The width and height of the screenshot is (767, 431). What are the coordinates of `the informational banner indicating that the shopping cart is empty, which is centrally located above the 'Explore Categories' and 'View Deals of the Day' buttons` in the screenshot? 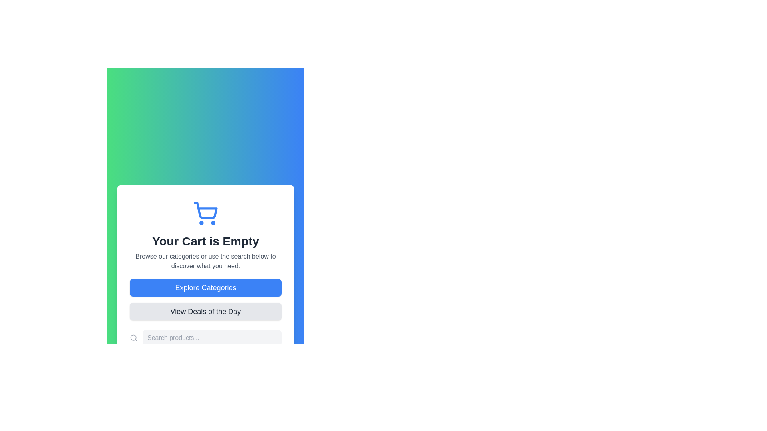 It's located at (205, 235).